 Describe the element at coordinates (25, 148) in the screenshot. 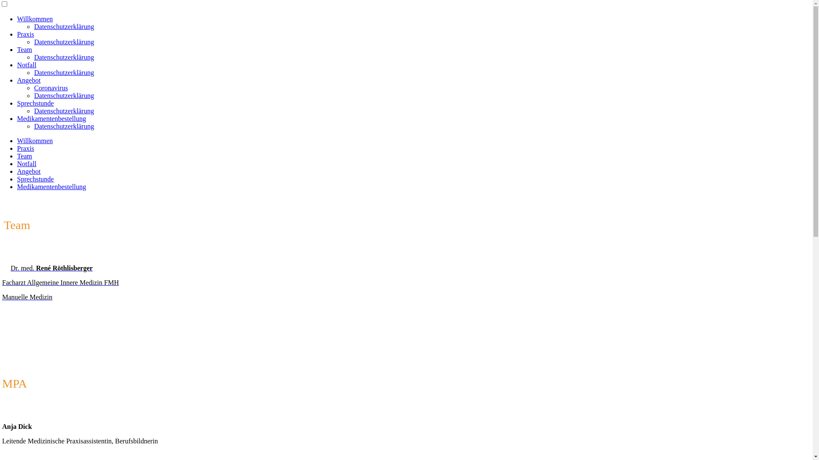

I see `'Praxis'` at that location.